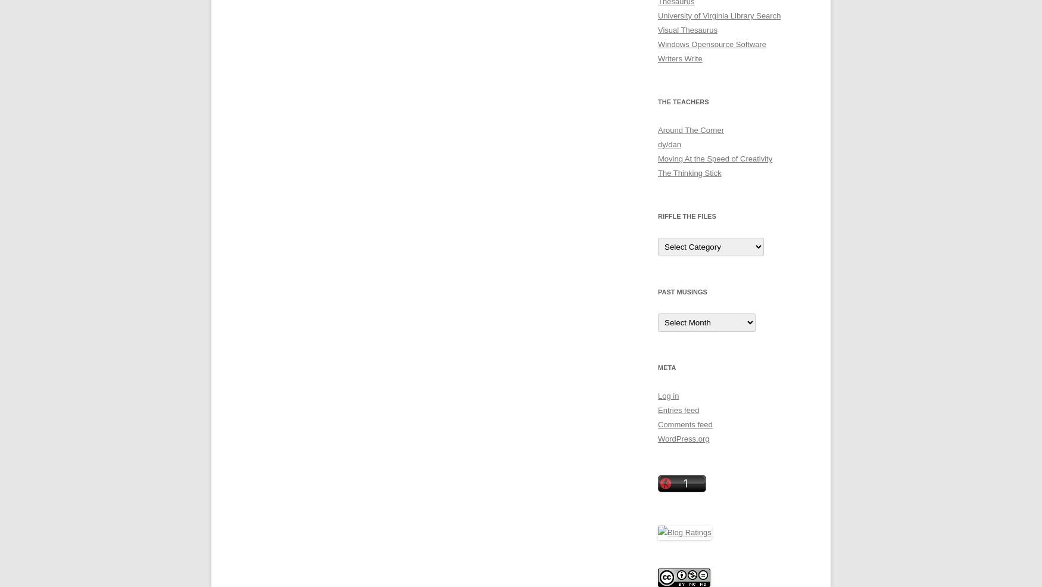 Image resolution: width=1042 pixels, height=587 pixels. What do you see at coordinates (687, 29) in the screenshot?
I see `'Visual Thesaurus'` at bounding box center [687, 29].